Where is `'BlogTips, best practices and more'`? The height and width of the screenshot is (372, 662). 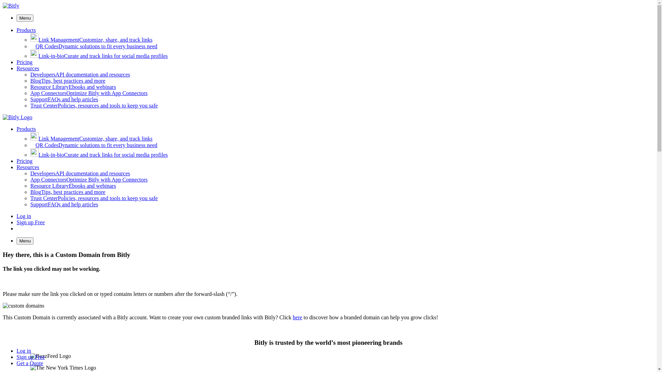
'BlogTips, best practices and more' is located at coordinates (68, 192).